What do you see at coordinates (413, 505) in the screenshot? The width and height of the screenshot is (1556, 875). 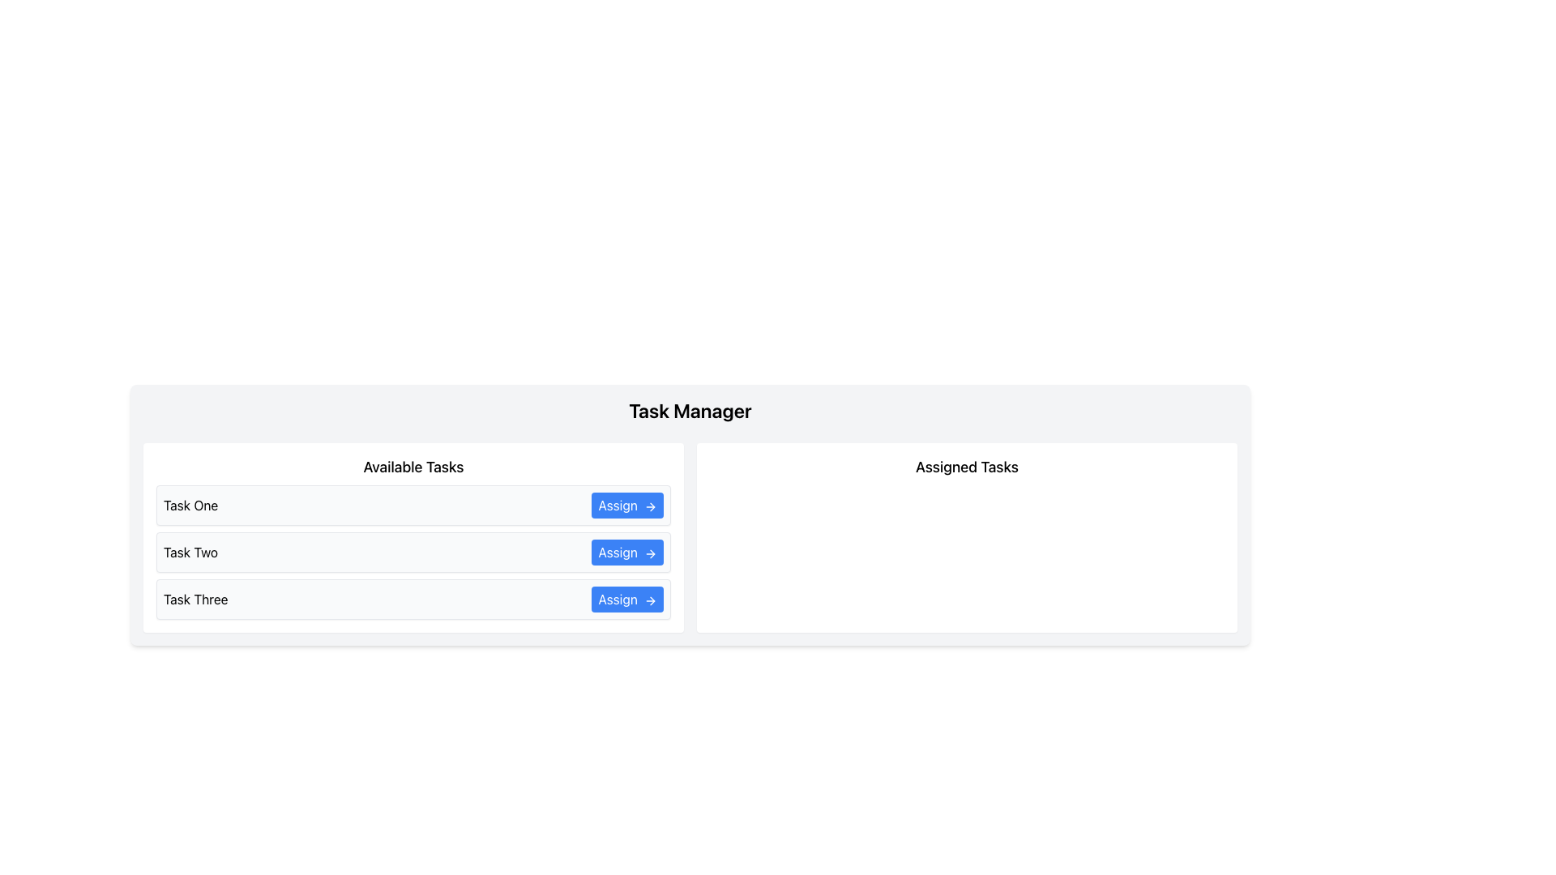 I see `the Task list item labeled 'Task One' with the interactive 'Assign' button` at bounding box center [413, 505].